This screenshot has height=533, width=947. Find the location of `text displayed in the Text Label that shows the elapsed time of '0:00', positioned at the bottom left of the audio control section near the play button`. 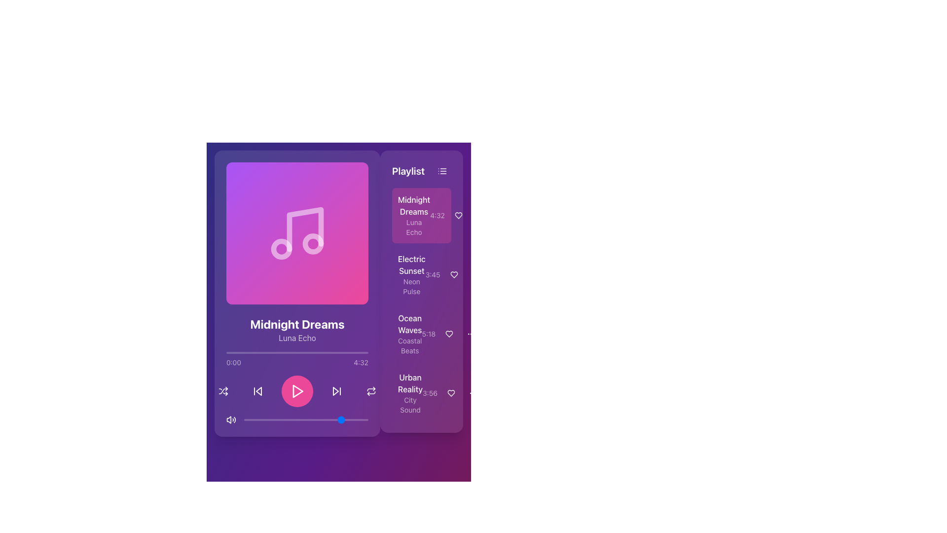

text displayed in the Text Label that shows the elapsed time of '0:00', positioned at the bottom left of the audio control section near the play button is located at coordinates (233, 363).